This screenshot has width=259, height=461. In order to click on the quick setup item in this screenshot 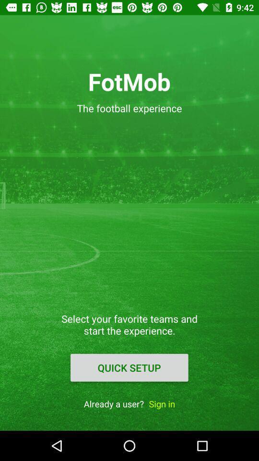, I will do `click(129, 367)`.